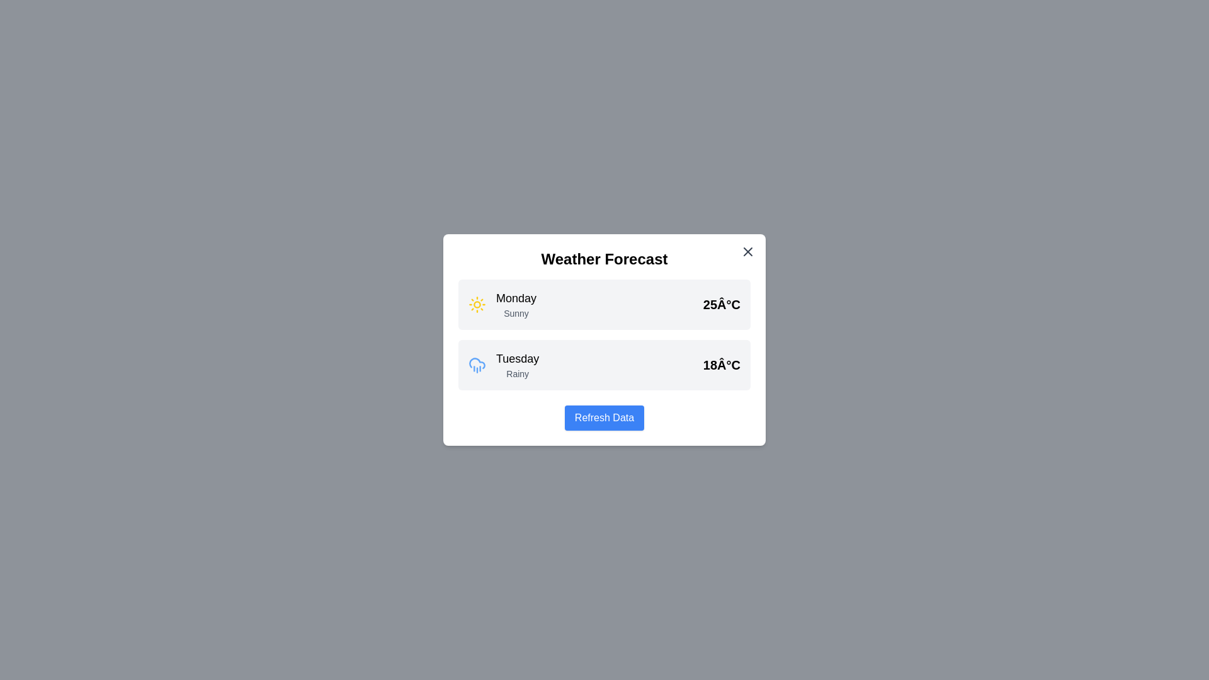 This screenshot has height=680, width=1209. What do you see at coordinates (604, 365) in the screenshot?
I see `the second item in the vertically stacked list of weather entries, which displays weather information for Tuesday, including condition and temperature` at bounding box center [604, 365].